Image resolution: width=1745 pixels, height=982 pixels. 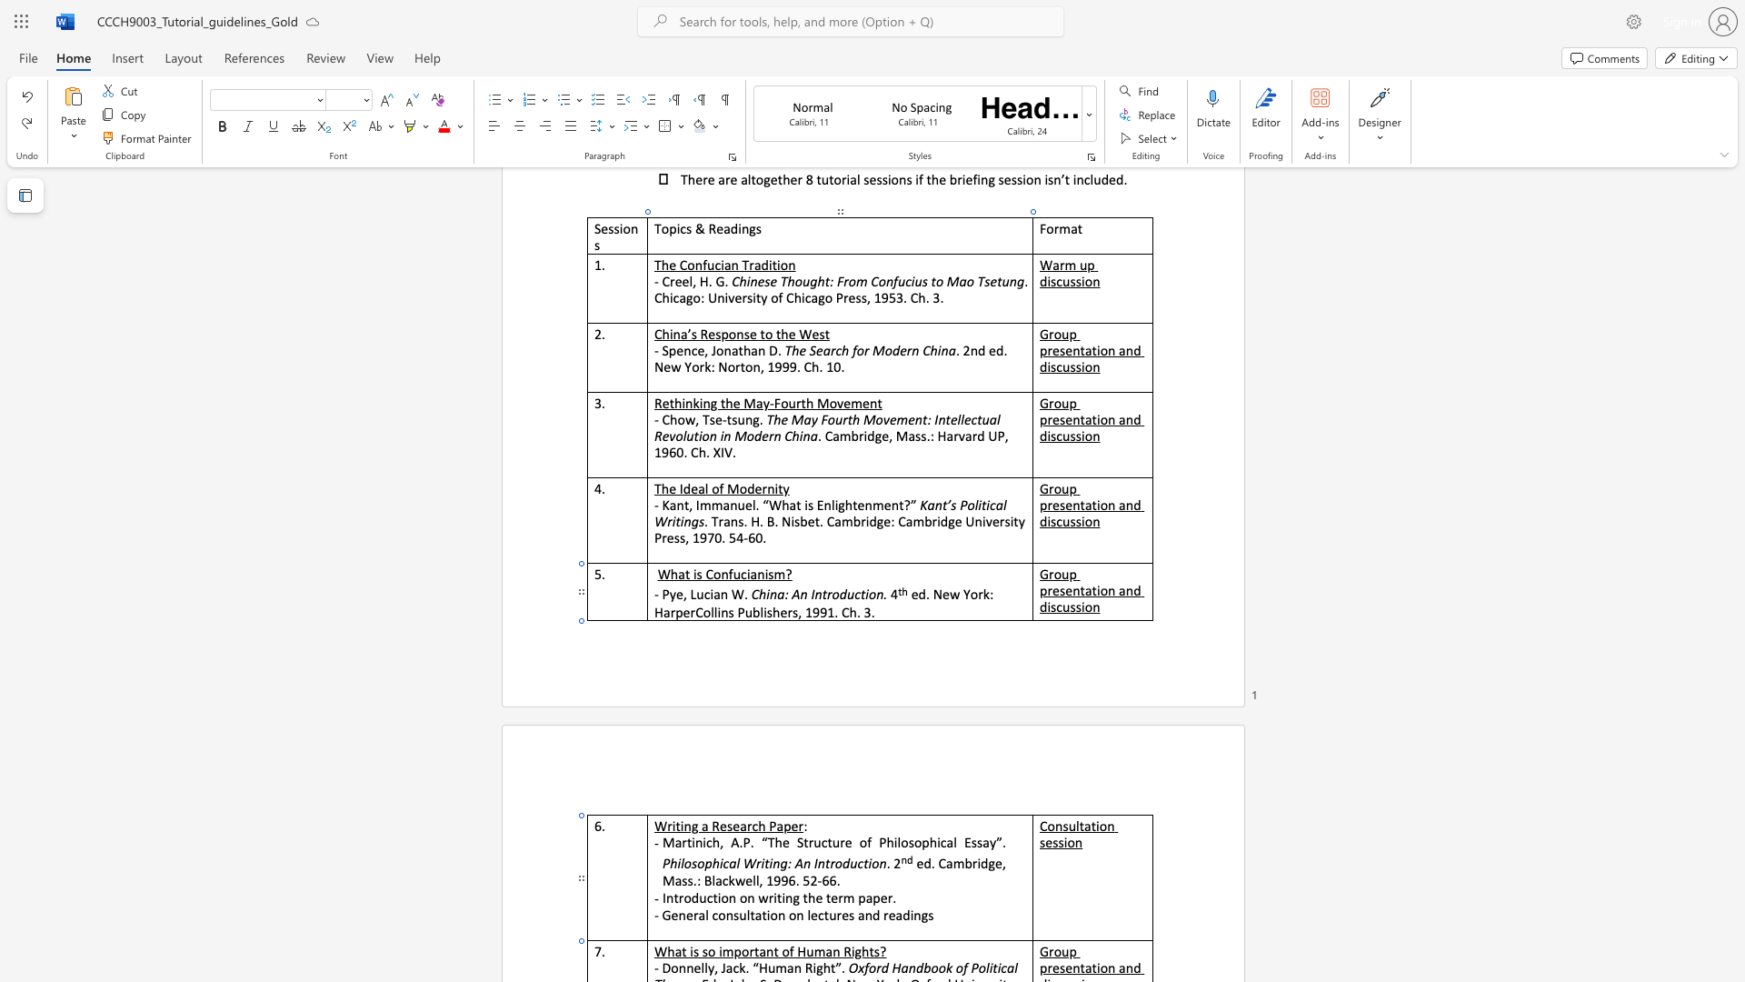 What do you see at coordinates (693, 826) in the screenshot?
I see `the 1th character "g" in the text` at bounding box center [693, 826].